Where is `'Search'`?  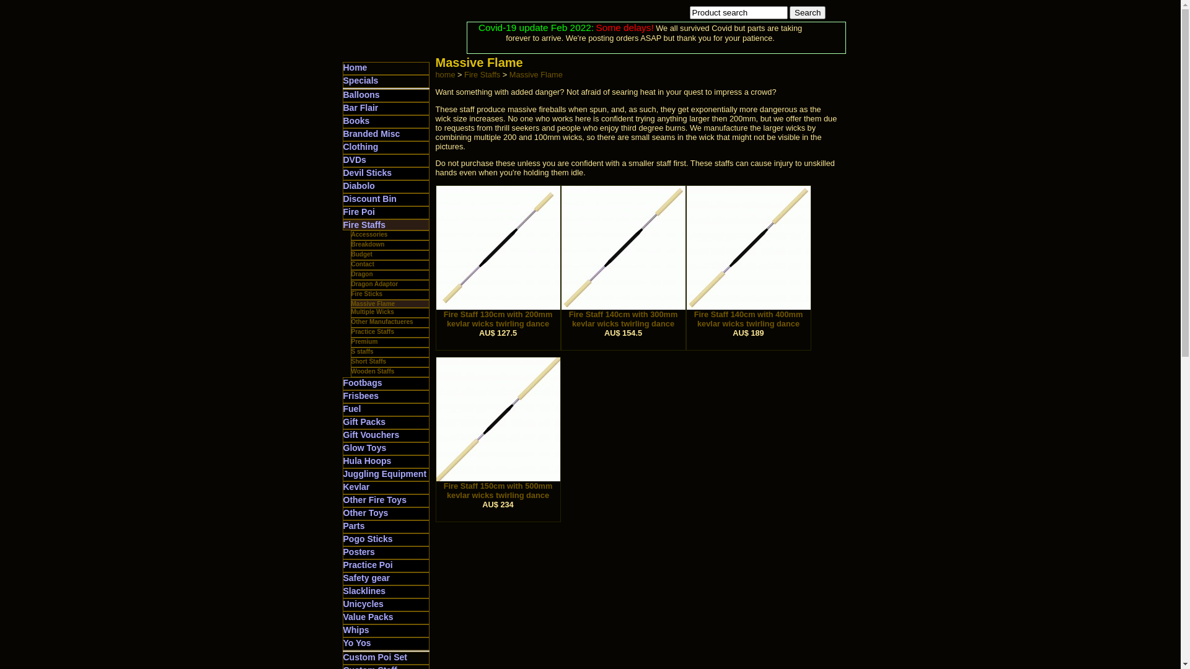 'Search' is located at coordinates (807, 12).